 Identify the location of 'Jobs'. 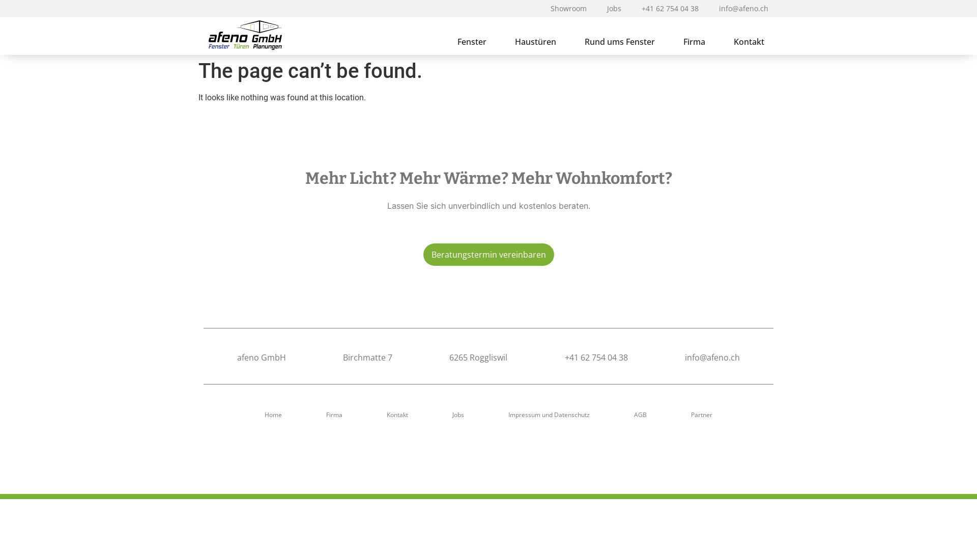
(457, 415).